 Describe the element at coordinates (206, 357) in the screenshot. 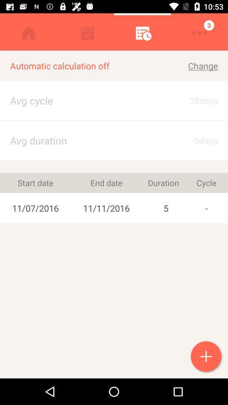

I see `item at the bottom right corner` at that location.